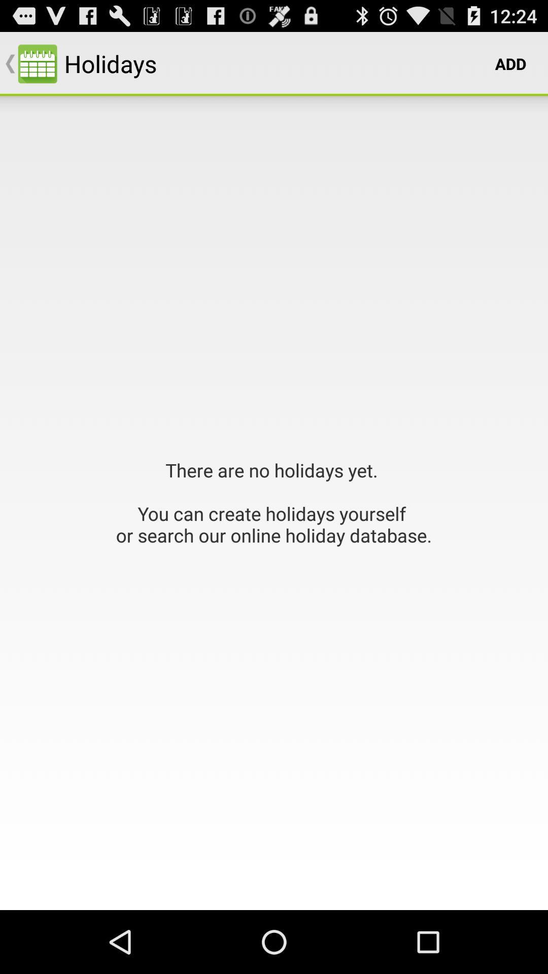 The image size is (548, 974). I want to click on icon above there are no item, so click(510, 63).